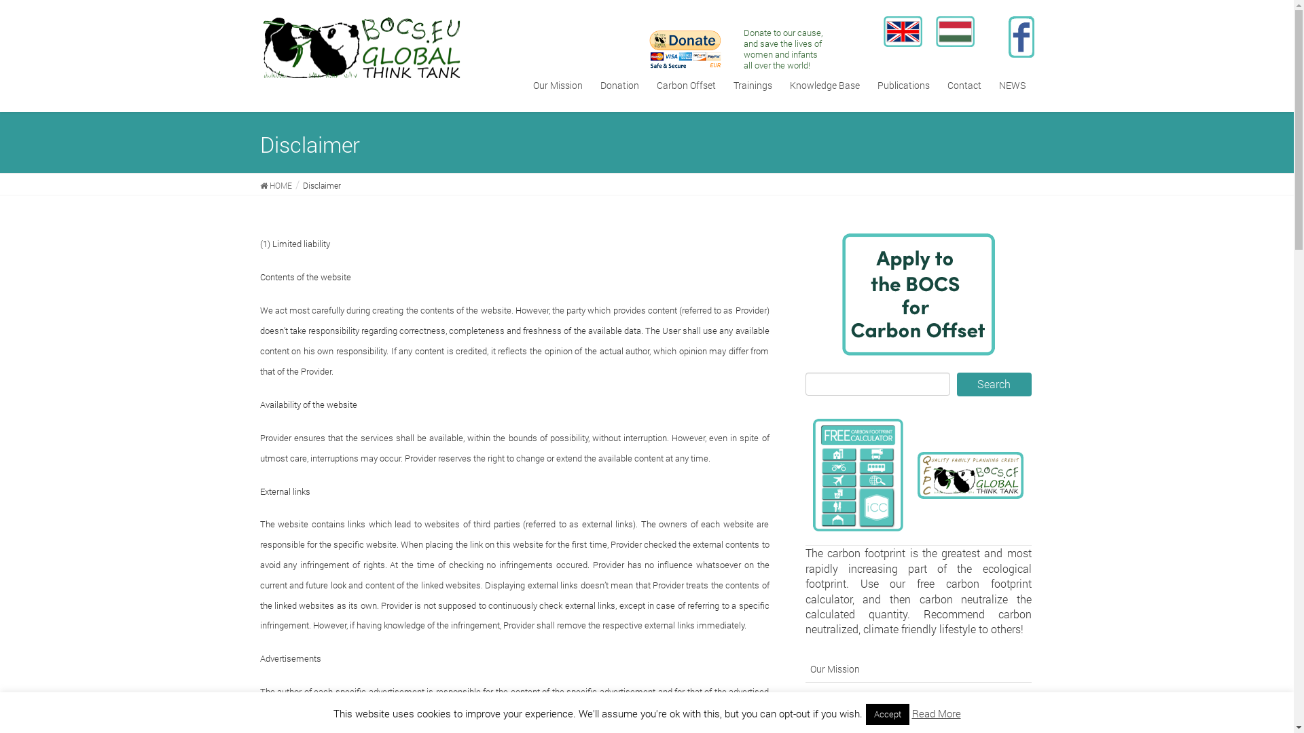  Describe the element at coordinates (918, 667) in the screenshot. I see `'Our Mission'` at that location.